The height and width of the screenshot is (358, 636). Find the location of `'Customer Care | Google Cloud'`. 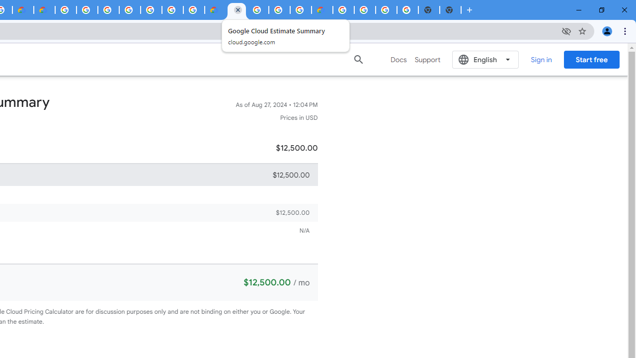

'Customer Care | Google Cloud' is located at coordinates (215, 10).